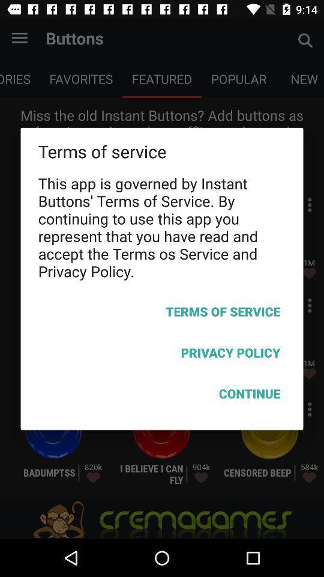 The width and height of the screenshot is (324, 577). I want to click on the continue icon, so click(162, 395).